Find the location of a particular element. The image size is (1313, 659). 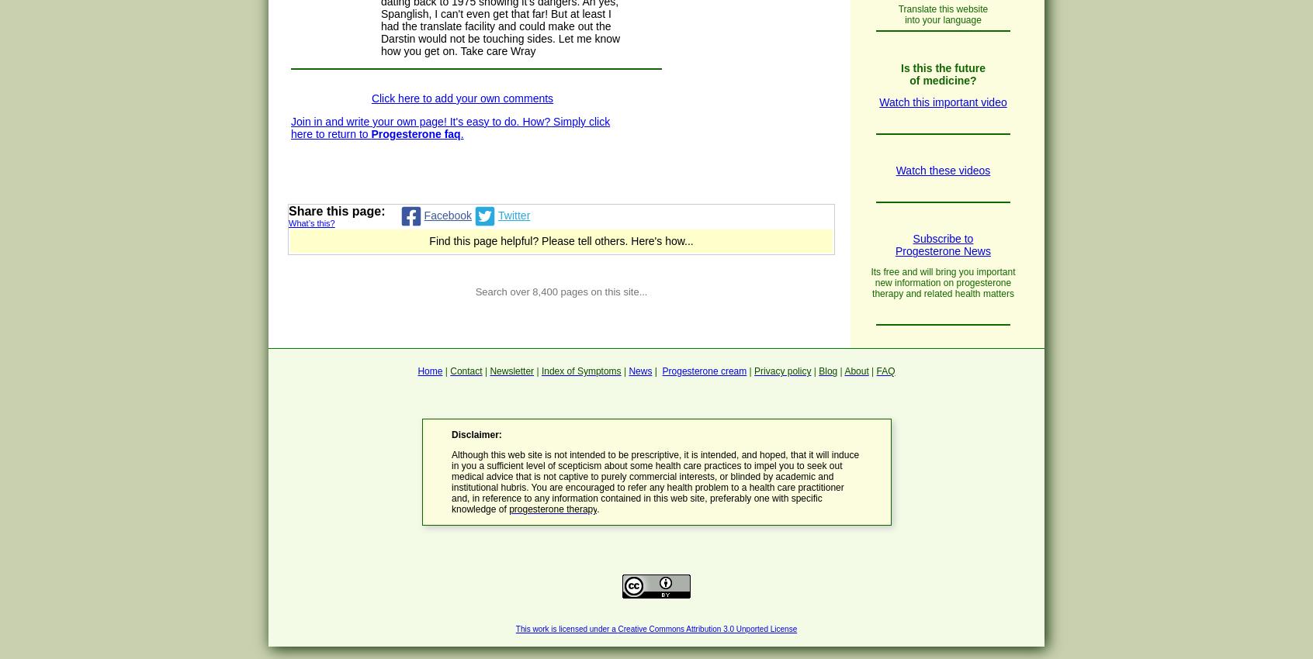

'Contact' is located at coordinates (465, 371).